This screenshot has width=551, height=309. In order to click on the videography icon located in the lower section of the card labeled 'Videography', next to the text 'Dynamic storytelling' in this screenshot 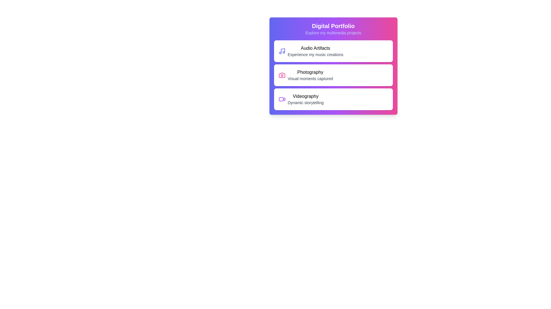, I will do `click(282, 99)`.